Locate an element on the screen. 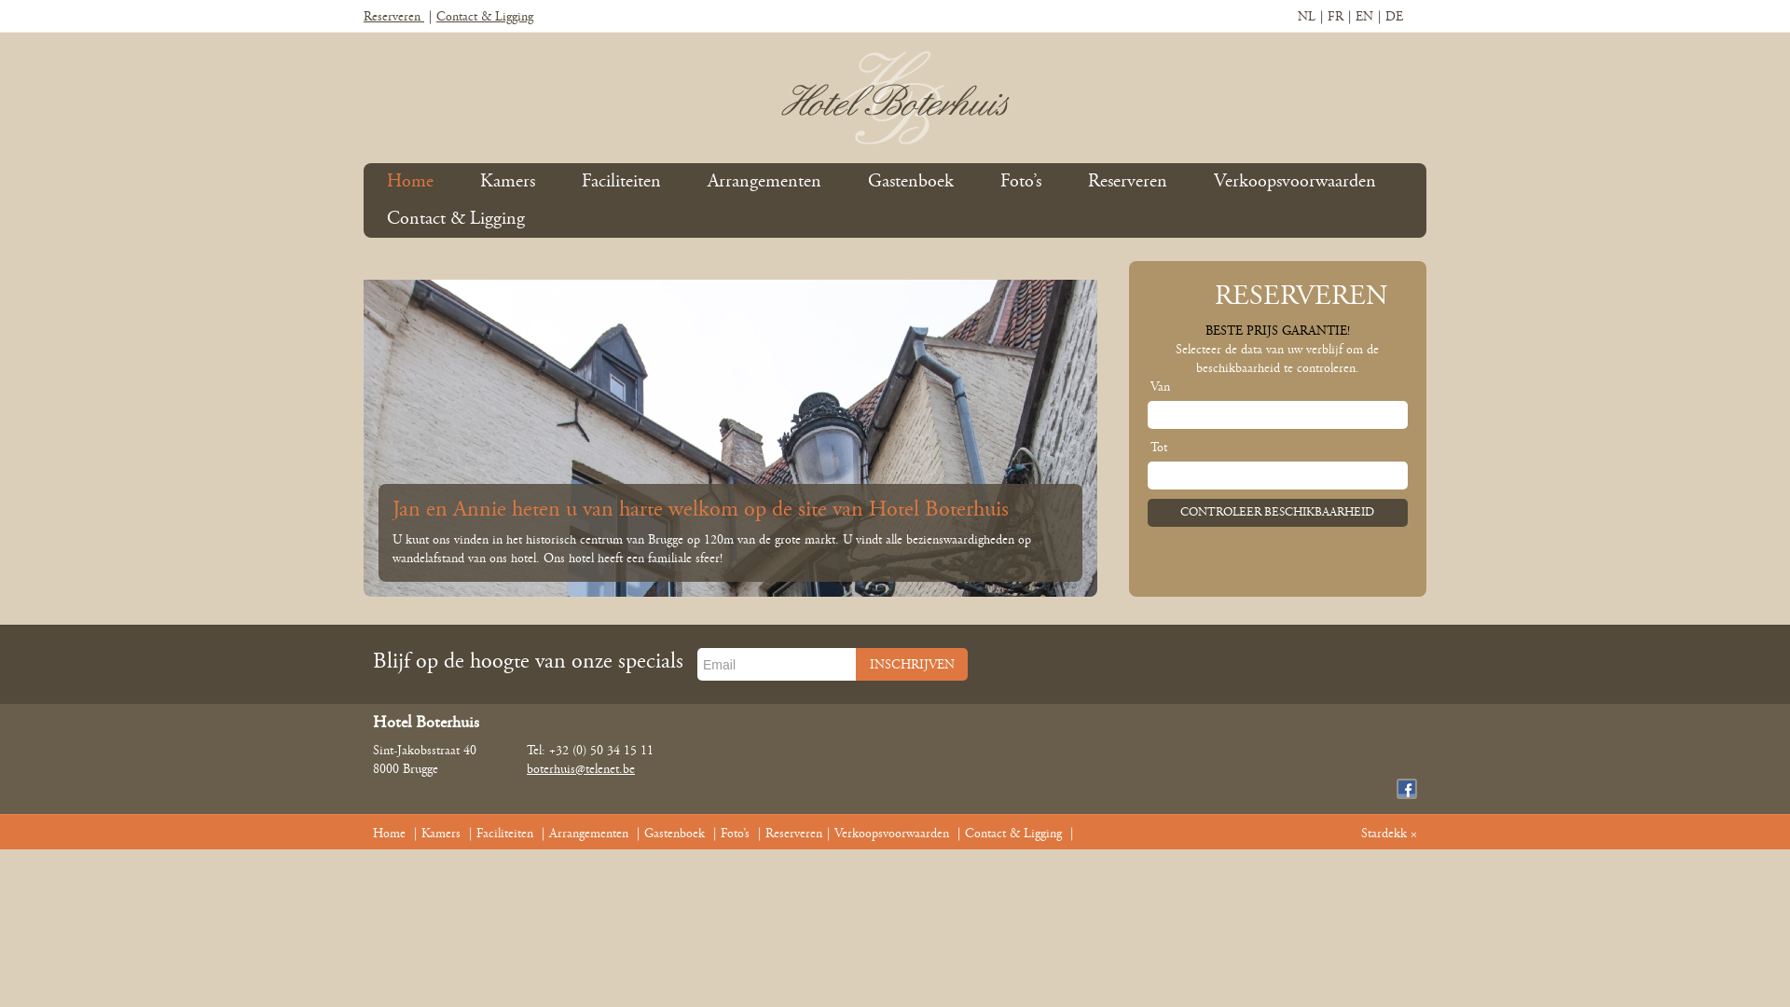  'Kamers' is located at coordinates (507, 182).